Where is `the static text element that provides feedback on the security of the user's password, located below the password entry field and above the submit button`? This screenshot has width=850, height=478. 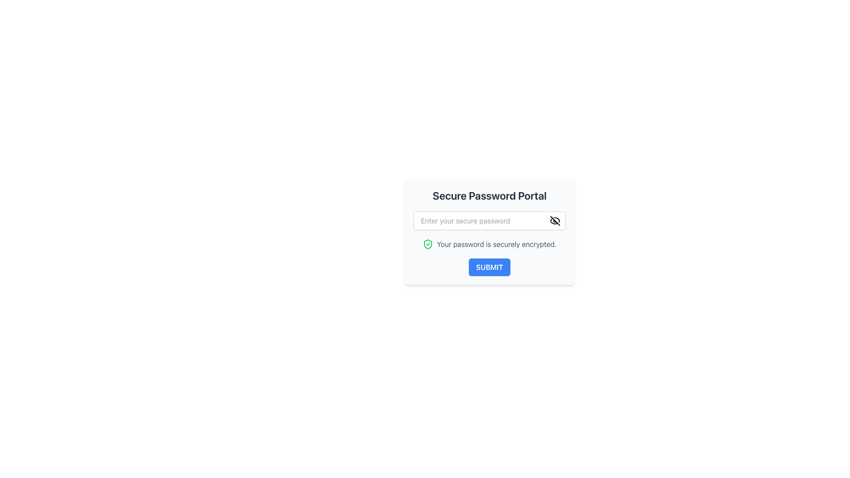
the static text element that provides feedback on the security of the user's password, located below the password entry field and above the submit button is located at coordinates (497, 244).